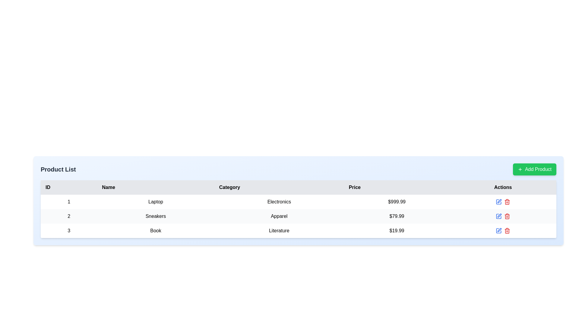  What do you see at coordinates (279, 231) in the screenshot?
I see `the 'Literature' text label in the 'Category' column of the third row, which corresponds to the item with ID '3' and name 'Book'` at bounding box center [279, 231].